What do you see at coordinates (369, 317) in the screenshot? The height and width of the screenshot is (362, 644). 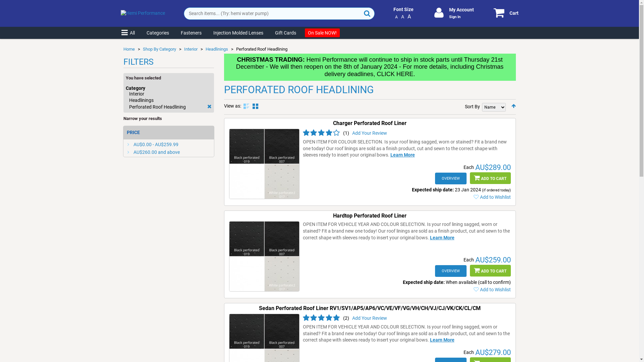 I see `'Add Your Review'` at bounding box center [369, 317].